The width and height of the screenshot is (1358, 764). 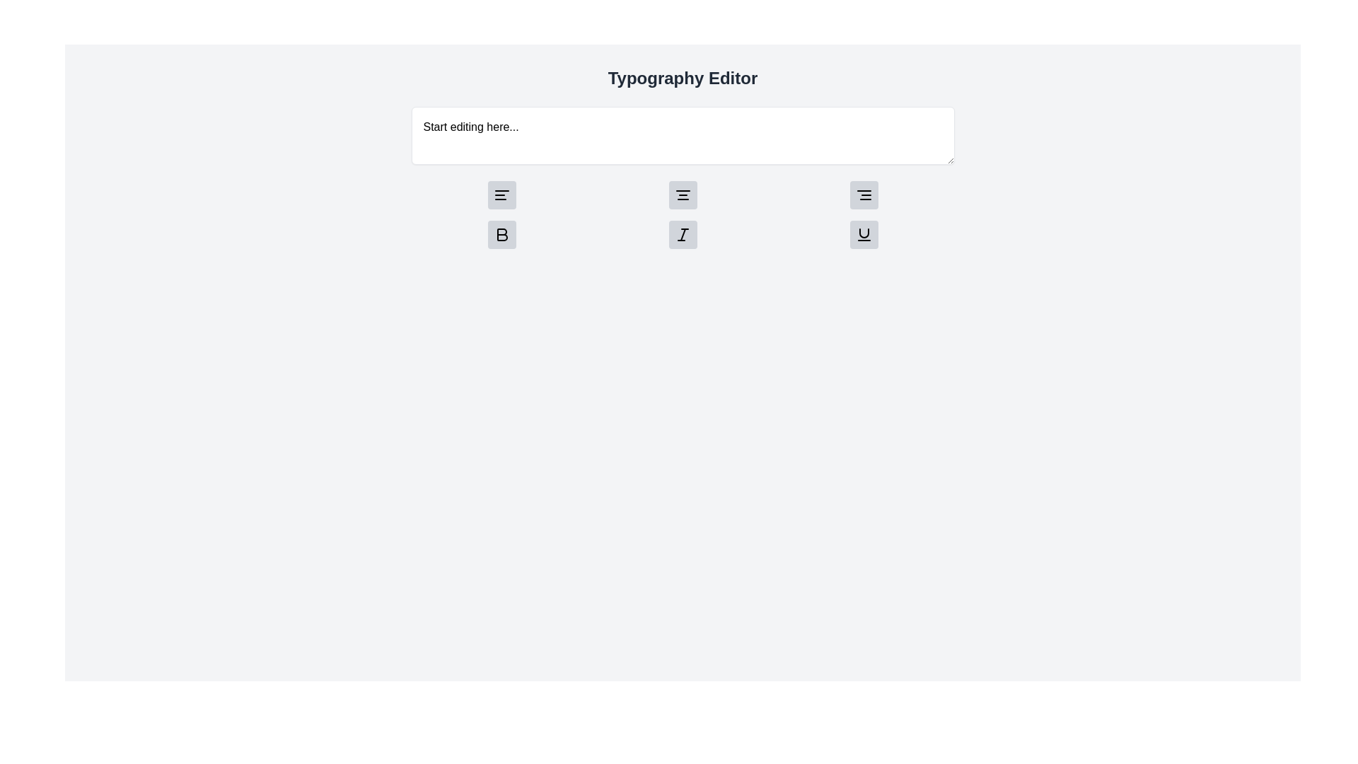 What do you see at coordinates (863, 195) in the screenshot?
I see `the third button in the group of alignment buttons to align the text to the right in the text editor` at bounding box center [863, 195].